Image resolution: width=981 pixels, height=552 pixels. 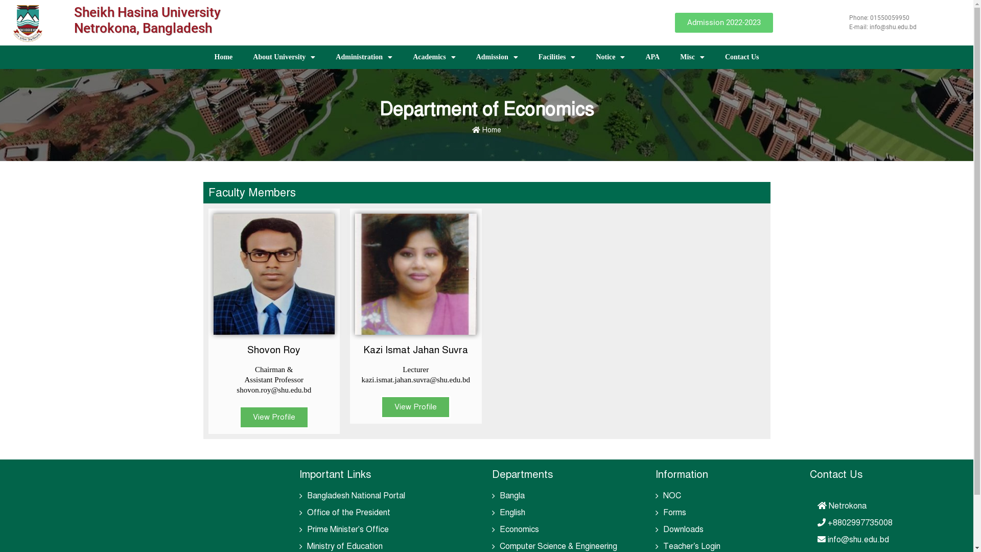 What do you see at coordinates (714, 57) in the screenshot?
I see `'Contact Us'` at bounding box center [714, 57].